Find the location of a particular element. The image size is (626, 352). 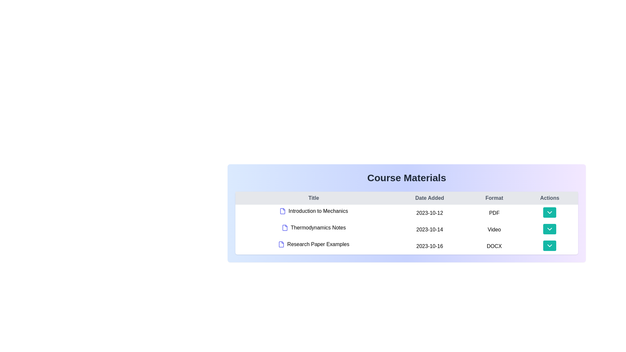

the icon in the second row under the 'Title' column is located at coordinates (285, 227).